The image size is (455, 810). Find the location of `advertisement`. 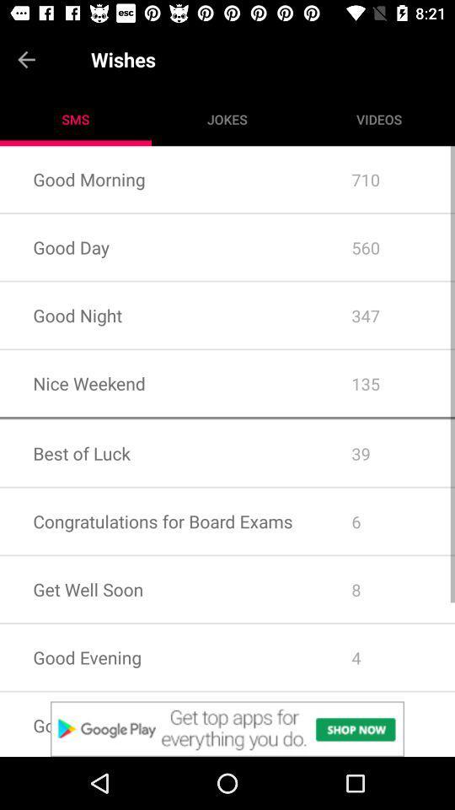

advertisement is located at coordinates (227, 728).